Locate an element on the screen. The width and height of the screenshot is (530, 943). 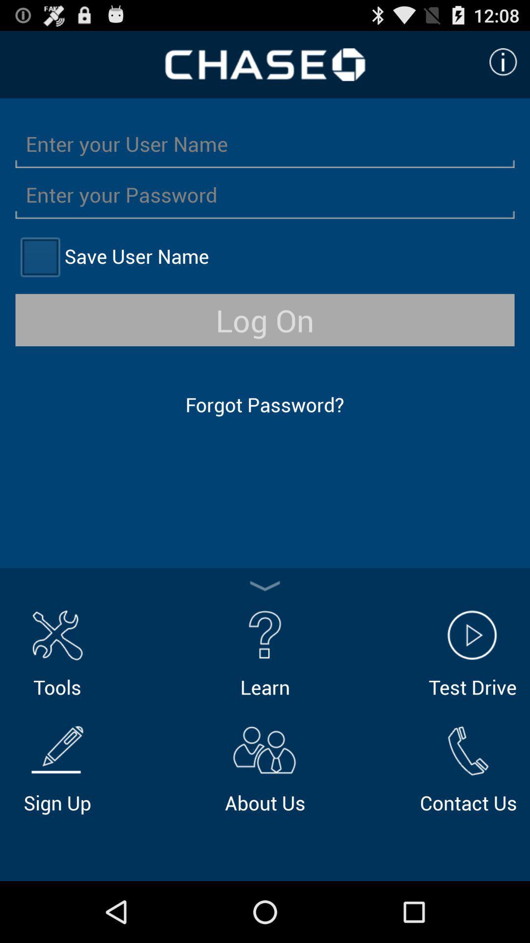
save name is located at coordinates (39, 256).